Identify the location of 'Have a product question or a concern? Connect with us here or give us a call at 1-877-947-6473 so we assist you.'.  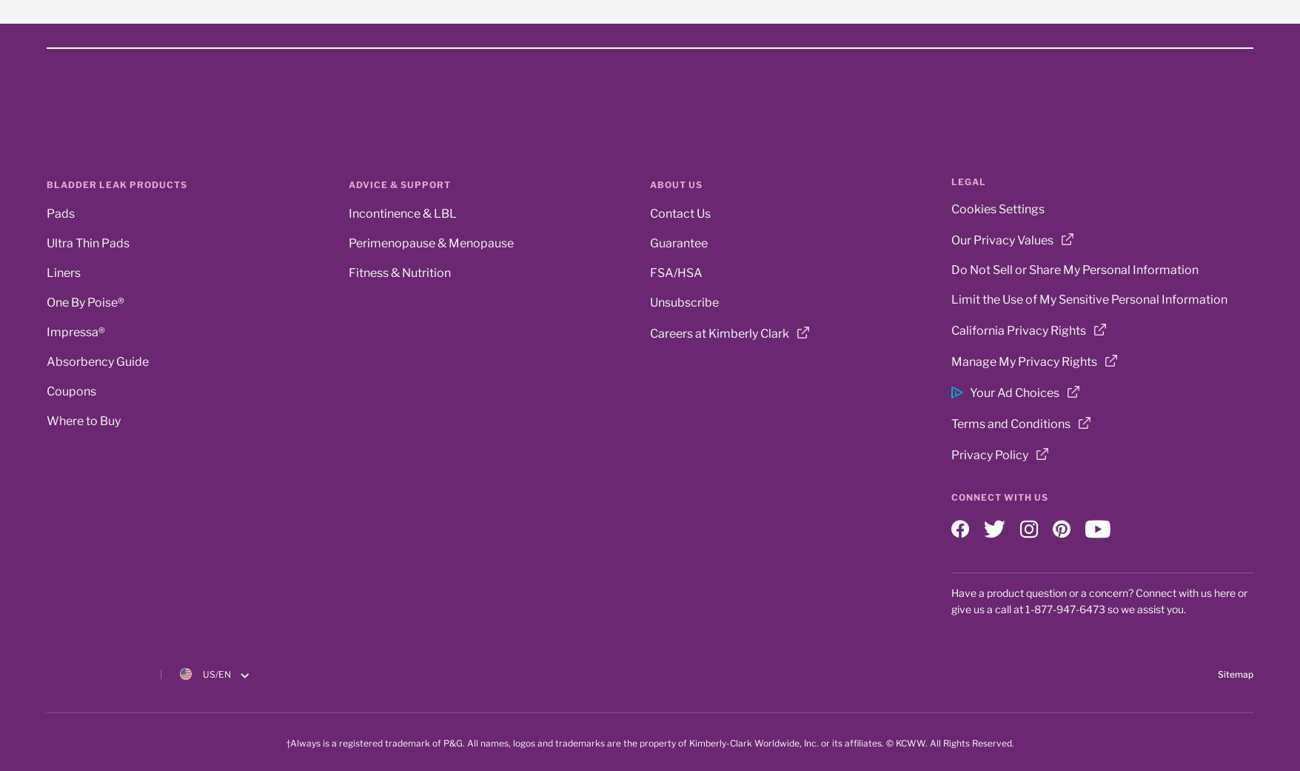
(1099, 601).